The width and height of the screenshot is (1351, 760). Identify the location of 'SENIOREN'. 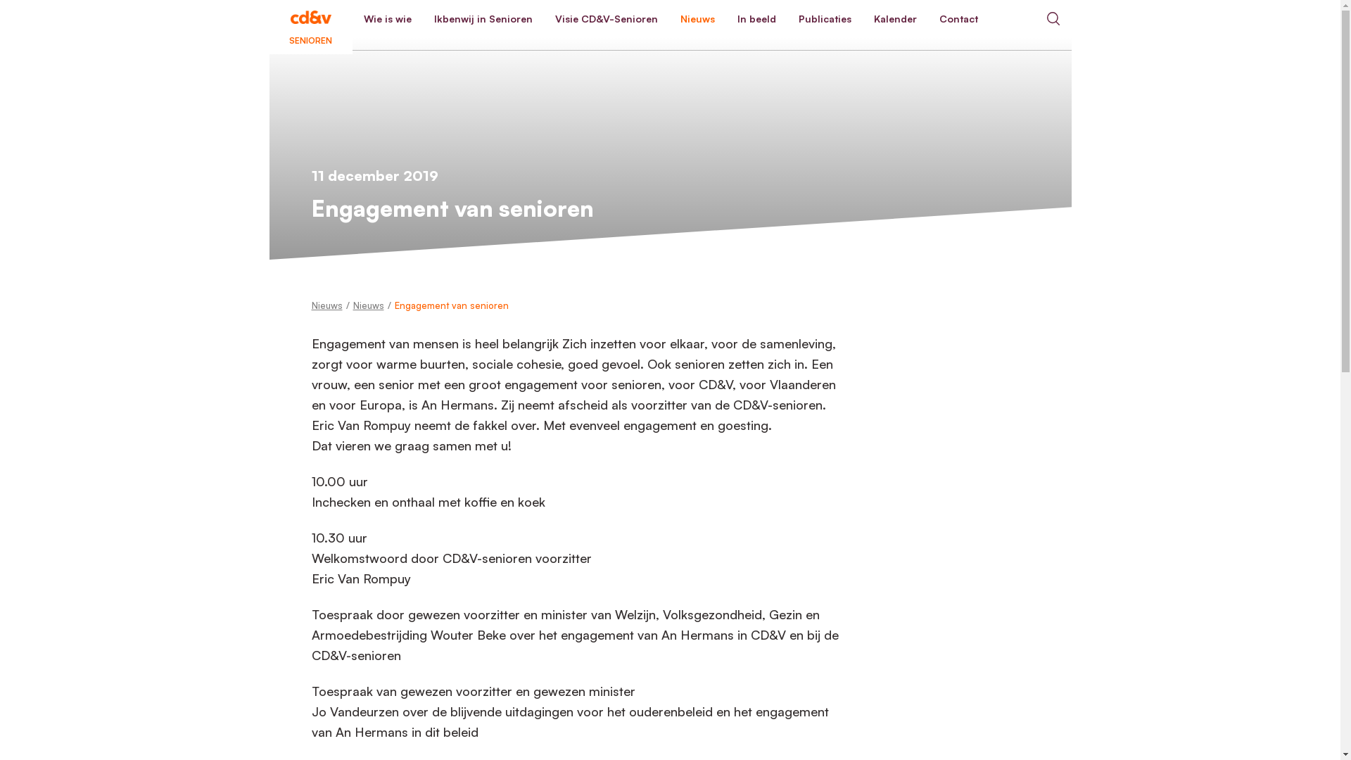
(310, 18).